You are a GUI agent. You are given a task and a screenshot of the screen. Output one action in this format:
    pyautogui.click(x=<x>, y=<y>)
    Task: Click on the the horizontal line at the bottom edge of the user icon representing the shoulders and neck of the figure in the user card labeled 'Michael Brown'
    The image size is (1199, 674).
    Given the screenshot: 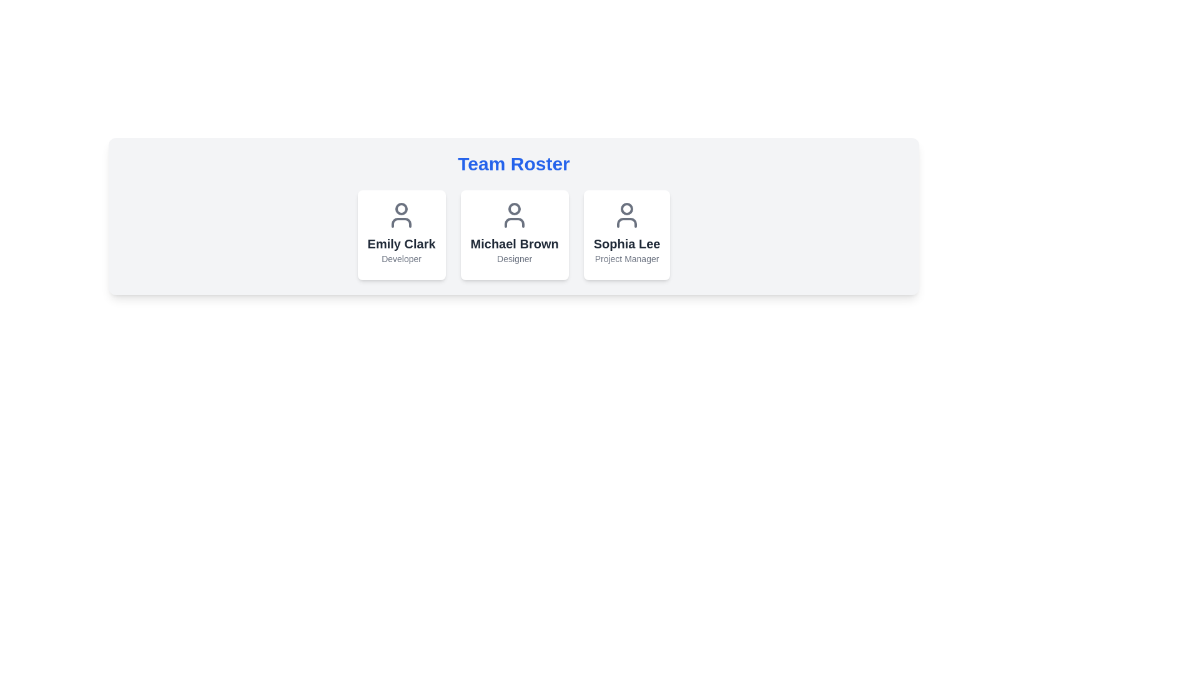 What is the action you would take?
    pyautogui.click(x=515, y=222)
    